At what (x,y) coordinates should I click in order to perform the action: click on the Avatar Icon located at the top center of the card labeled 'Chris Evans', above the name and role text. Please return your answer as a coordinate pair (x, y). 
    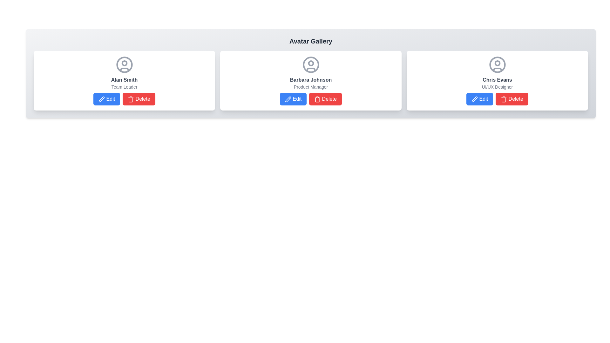
    Looking at the image, I should click on (497, 65).